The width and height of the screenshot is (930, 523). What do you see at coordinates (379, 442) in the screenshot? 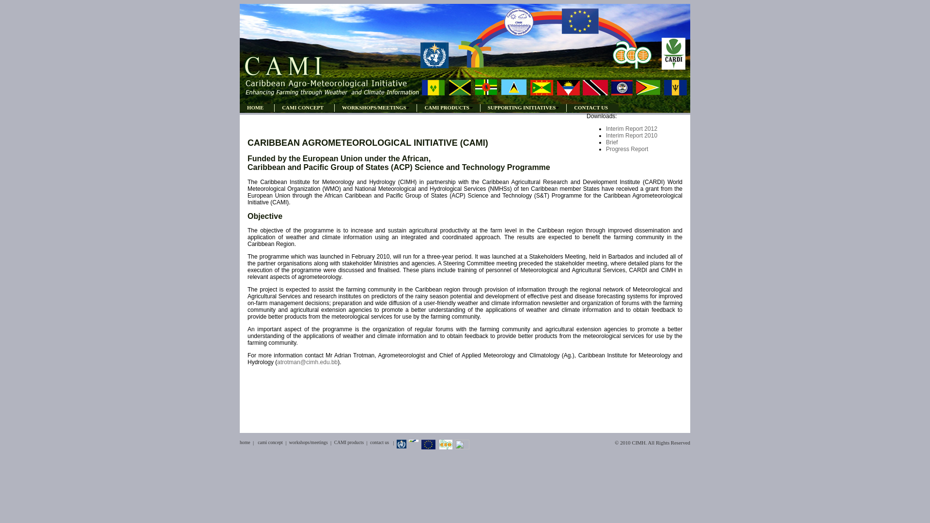
I see `'contact us'` at bounding box center [379, 442].